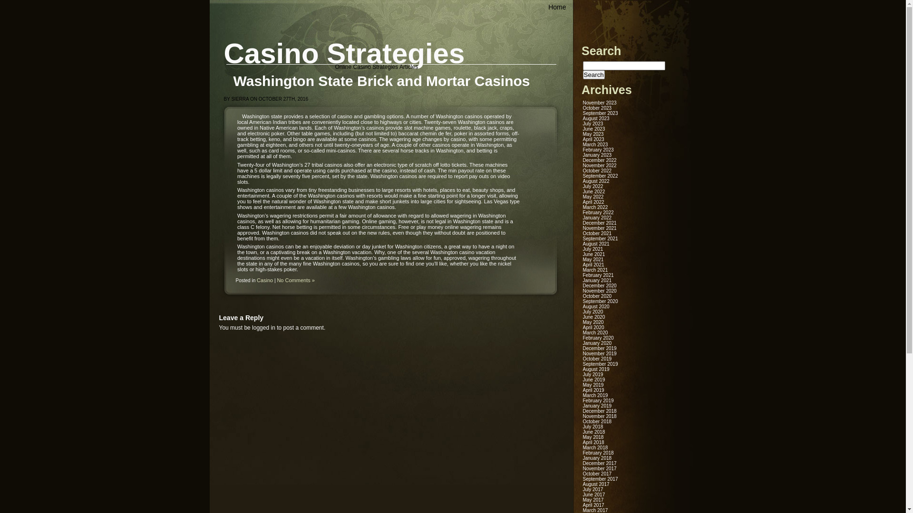  Describe the element at coordinates (597, 457) in the screenshot. I see `'January 2018'` at that location.